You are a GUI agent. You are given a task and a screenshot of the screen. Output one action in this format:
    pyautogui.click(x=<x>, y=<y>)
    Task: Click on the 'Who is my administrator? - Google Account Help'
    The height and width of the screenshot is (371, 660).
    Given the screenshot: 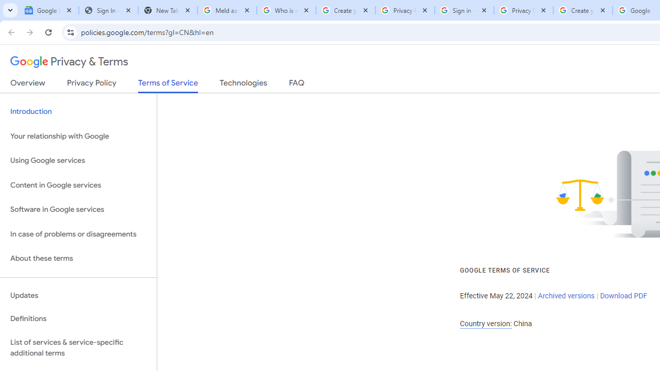 What is the action you would take?
    pyautogui.click(x=286, y=10)
    